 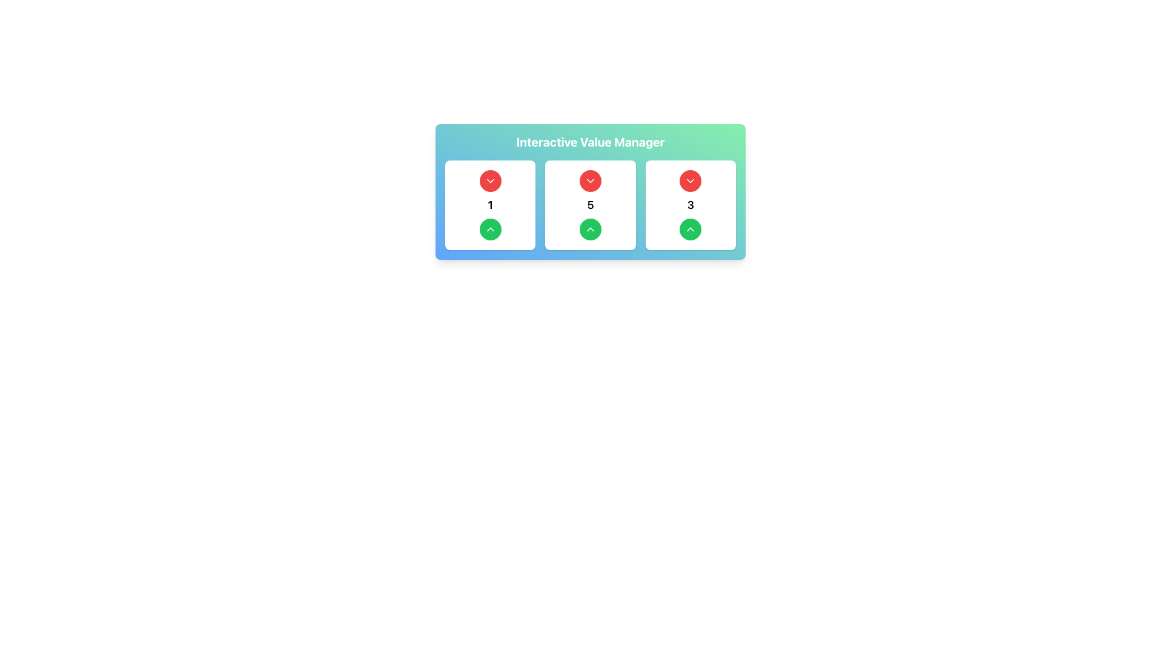 I want to click on the chevron icon located inside the circular red button at the top of the first column in the 'Interactive Value Manager' section for potential visual feedback, so click(x=490, y=181).